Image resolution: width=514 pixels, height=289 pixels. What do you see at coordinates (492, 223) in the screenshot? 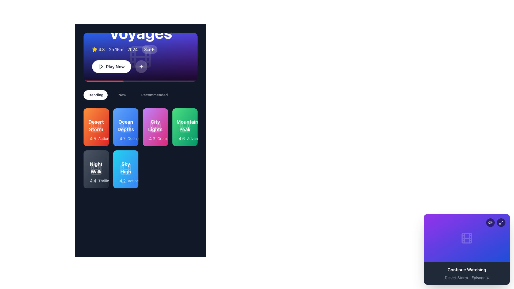
I see `the outer wave component of the volume icon located in the bottom-right corner of the interface` at bounding box center [492, 223].